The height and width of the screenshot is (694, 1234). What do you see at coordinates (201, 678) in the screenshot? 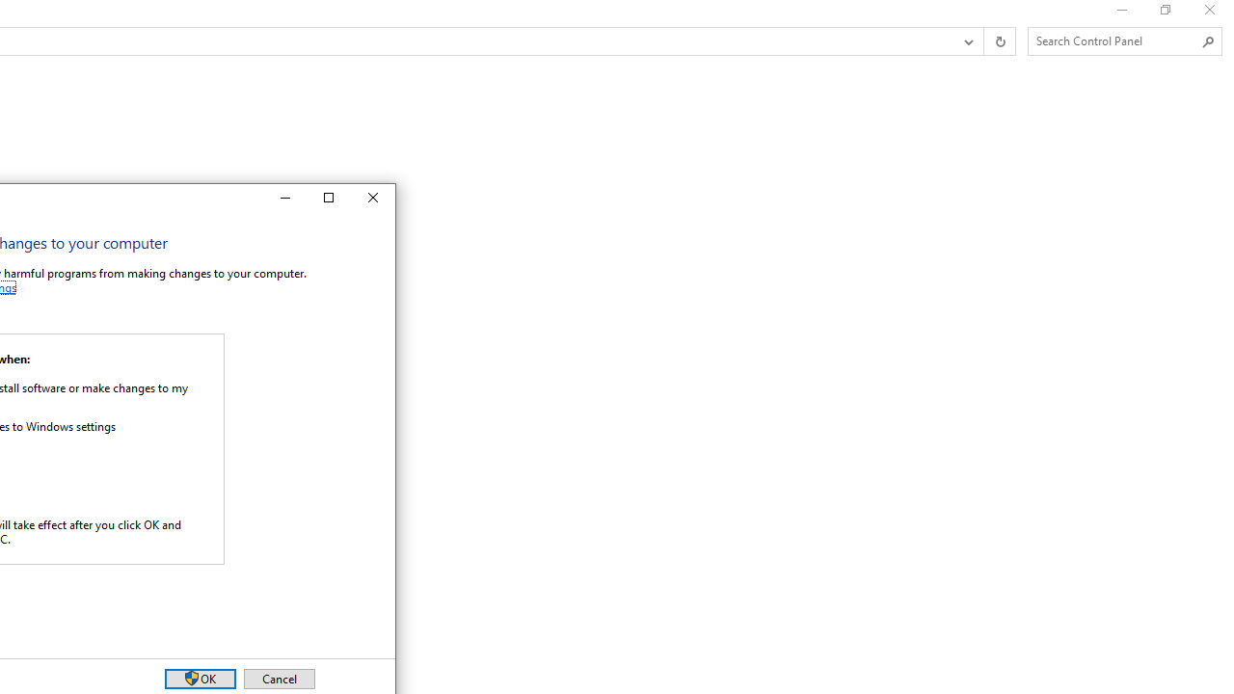
I see `'OK'` at bounding box center [201, 678].